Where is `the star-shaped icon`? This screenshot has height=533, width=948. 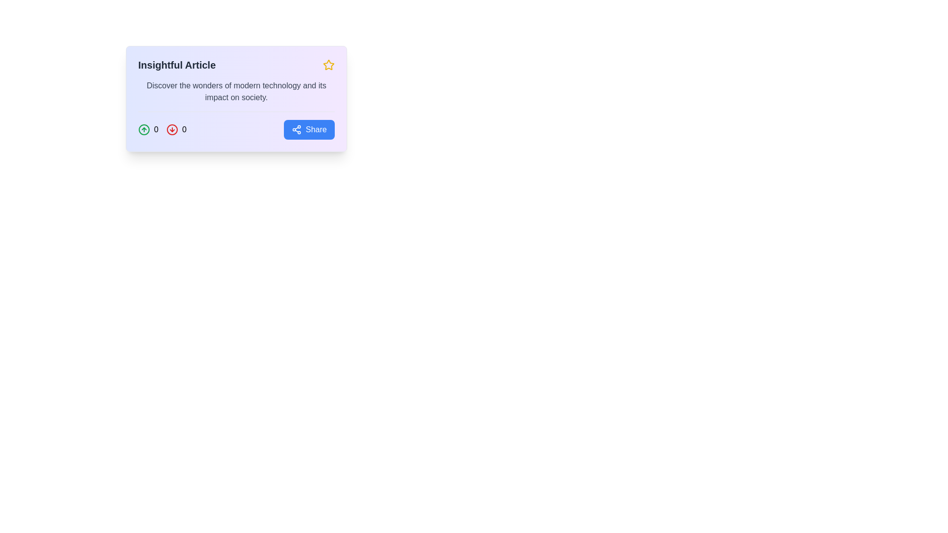 the star-shaped icon is located at coordinates (329, 65).